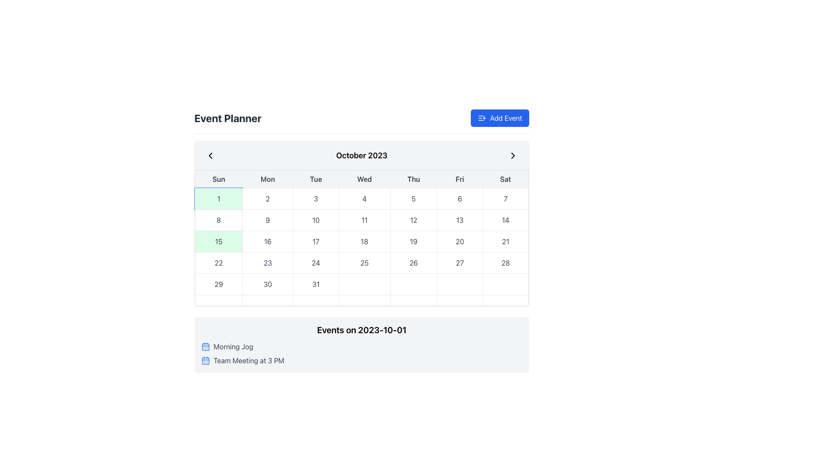 This screenshot has width=837, height=471. I want to click on the 'Add Event' button located in the 'Event Planner Add Event' section, so click(500, 118).